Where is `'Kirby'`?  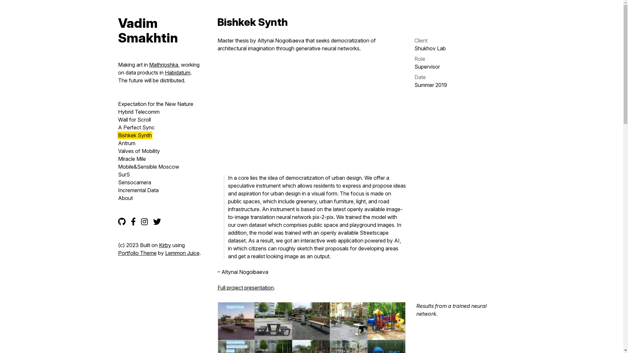
'Kirby' is located at coordinates (159, 245).